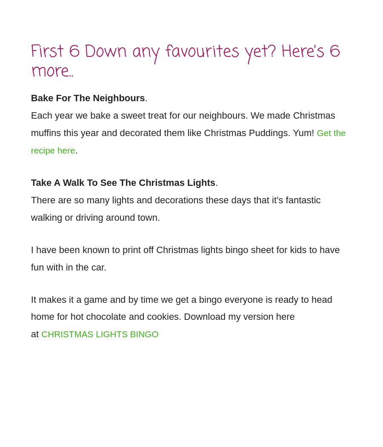 The width and height of the screenshot is (383, 447). Describe the element at coordinates (185, 253) in the screenshot. I see `'I have been known to print off Christmas lights bingo sheet for kids to have fun with in the car.'` at that location.